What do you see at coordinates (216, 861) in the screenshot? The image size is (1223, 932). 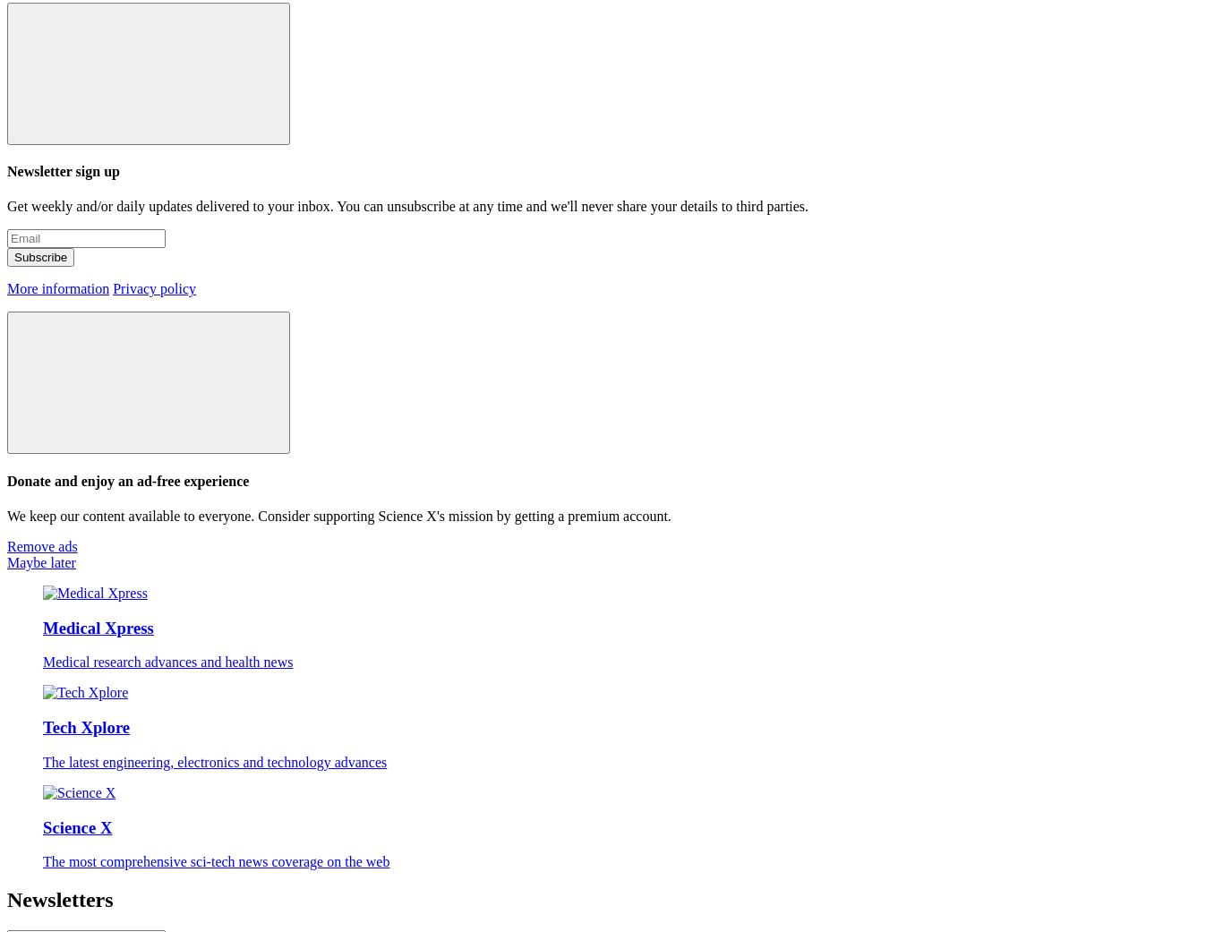 I see `'The most comprehensive sci-tech news coverage on the web'` at bounding box center [216, 861].